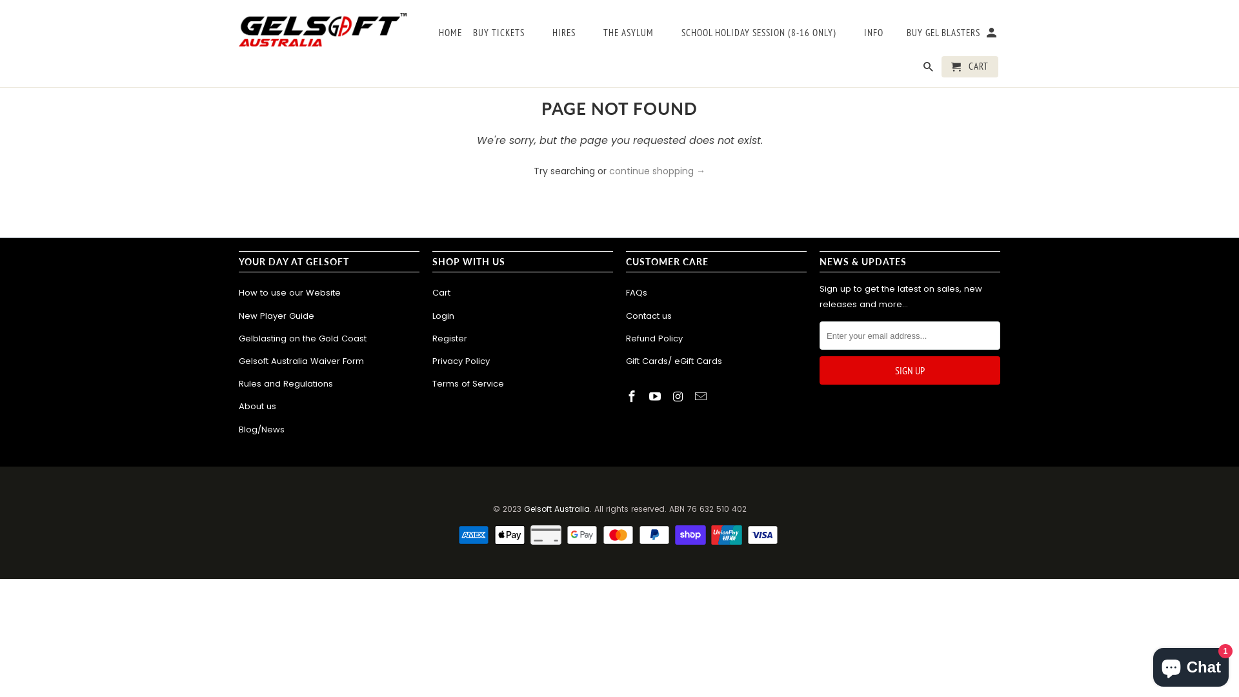  I want to click on 'Contact us', so click(649, 316).